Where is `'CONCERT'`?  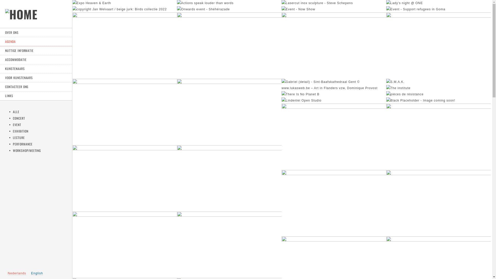
'CONCERT' is located at coordinates (19, 118).